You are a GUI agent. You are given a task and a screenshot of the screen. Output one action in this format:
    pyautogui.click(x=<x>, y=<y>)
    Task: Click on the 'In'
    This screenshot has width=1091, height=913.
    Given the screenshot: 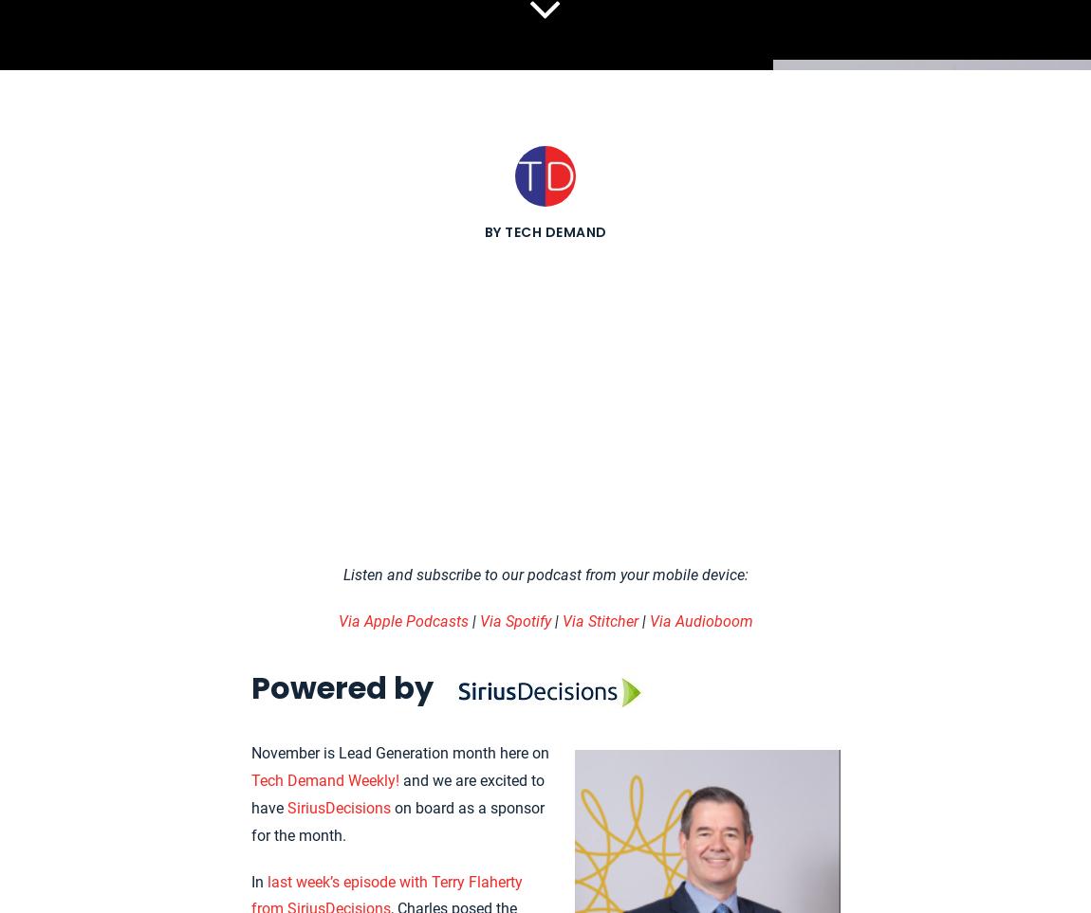 What is the action you would take?
    pyautogui.click(x=257, y=881)
    